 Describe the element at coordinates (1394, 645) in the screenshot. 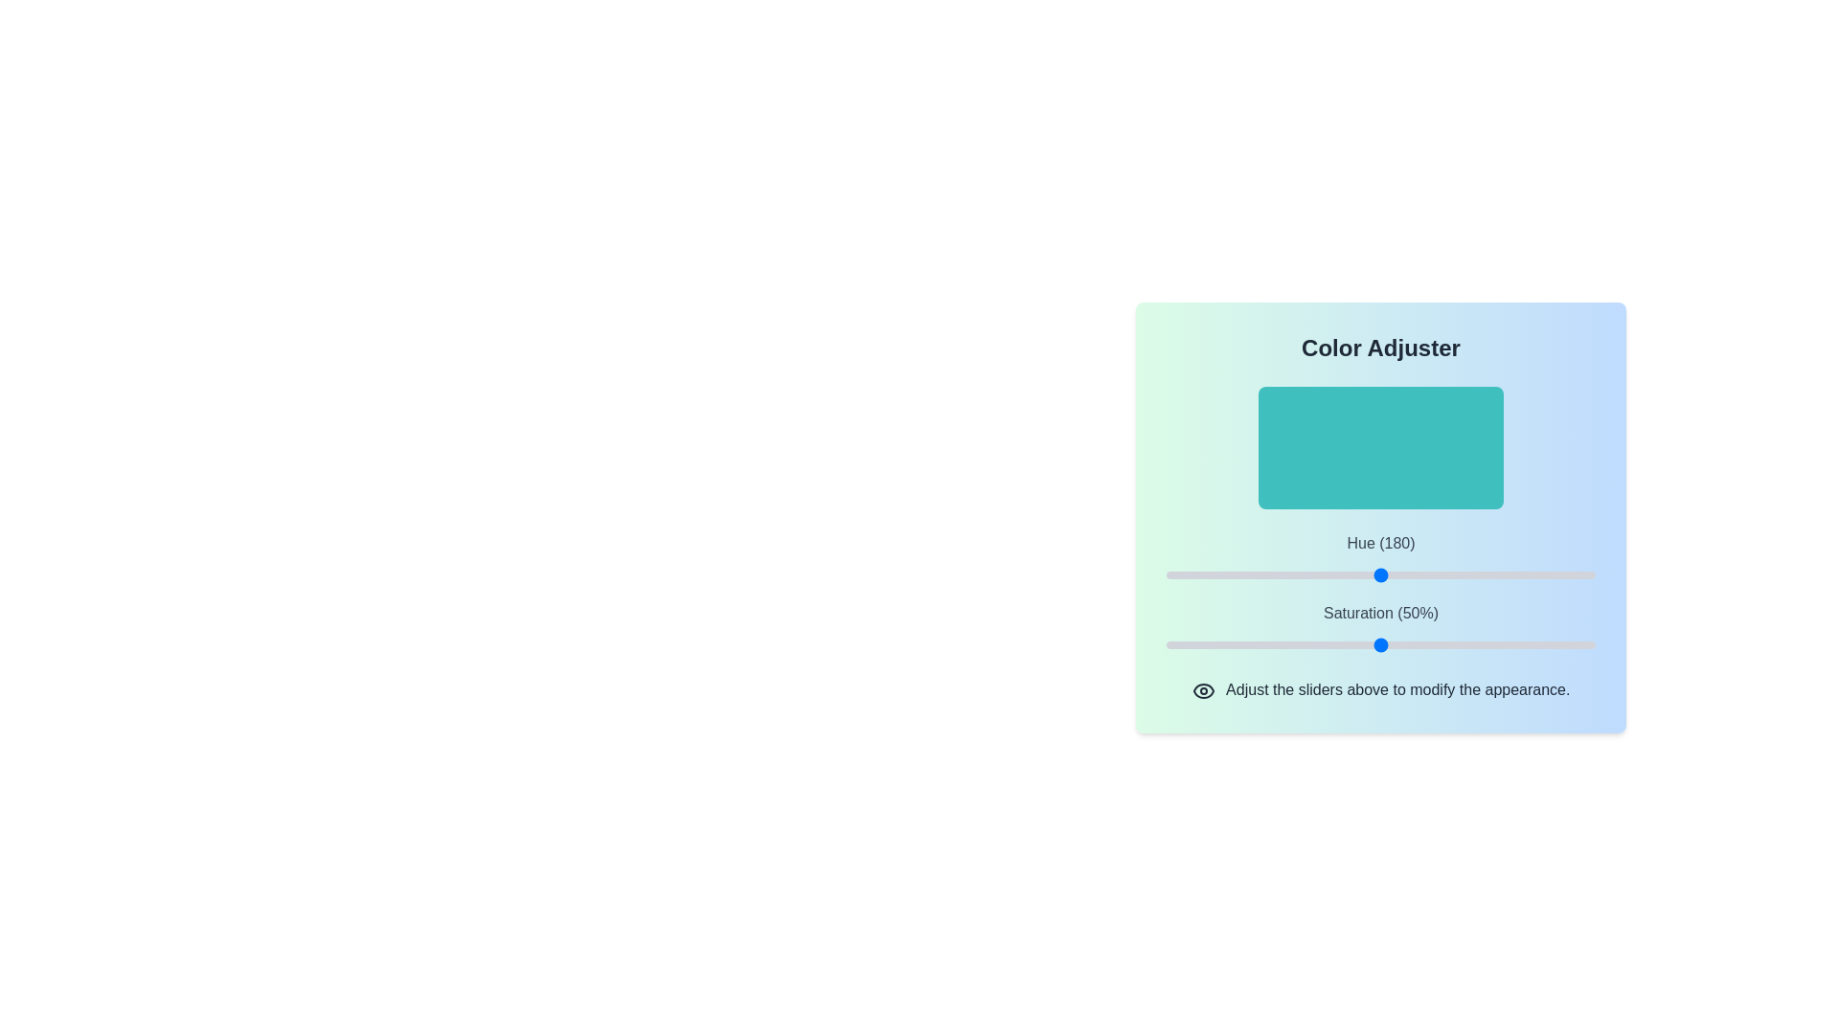

I see `the saturation slider to set the saturation to 53%` at that location.